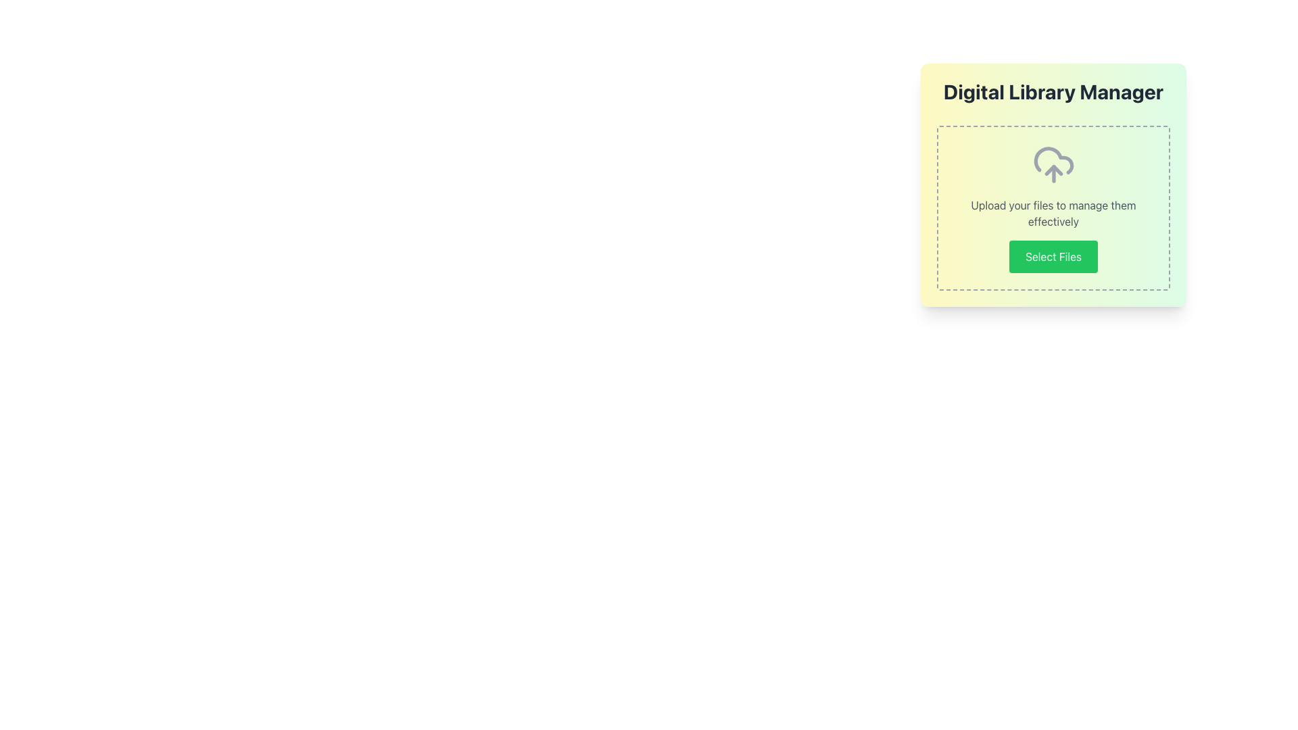 The width and height of the screenshot is (1298, 730). What do you see at coordinates (1053, 213) in the screenshot?
I see `the instructional text label that provides context about the associated UI components, located below the cloud icon and above the 'Select Files' button` at bounding box center [1053, 213].